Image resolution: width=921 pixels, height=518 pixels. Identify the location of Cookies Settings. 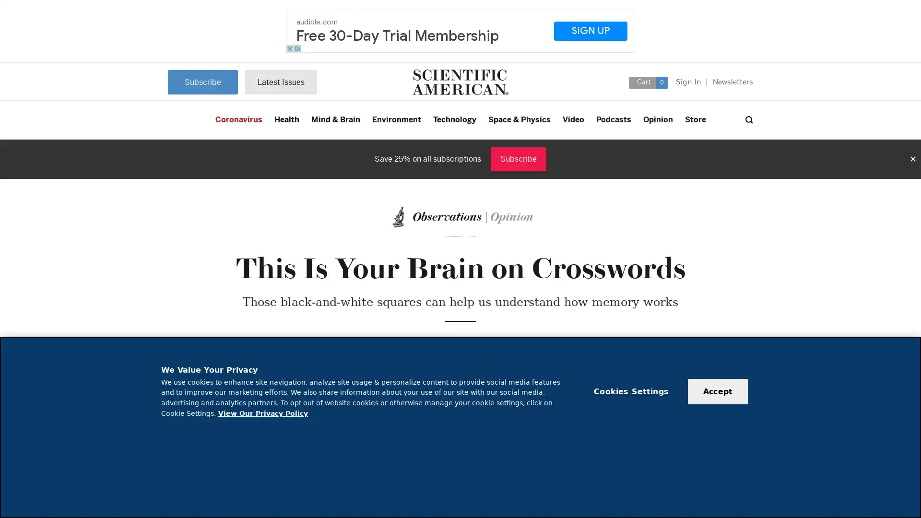
(631, 391).